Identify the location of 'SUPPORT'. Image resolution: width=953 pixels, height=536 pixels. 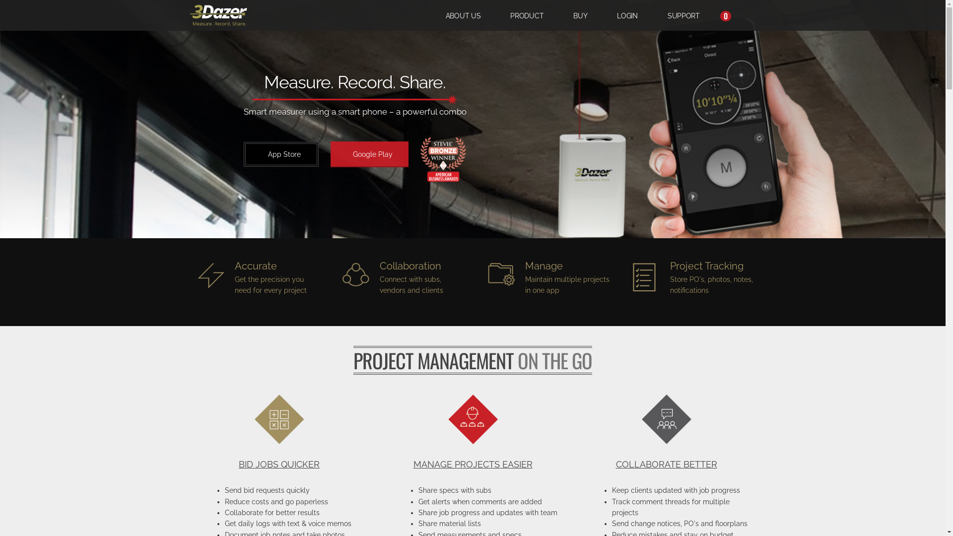
(683, 15).